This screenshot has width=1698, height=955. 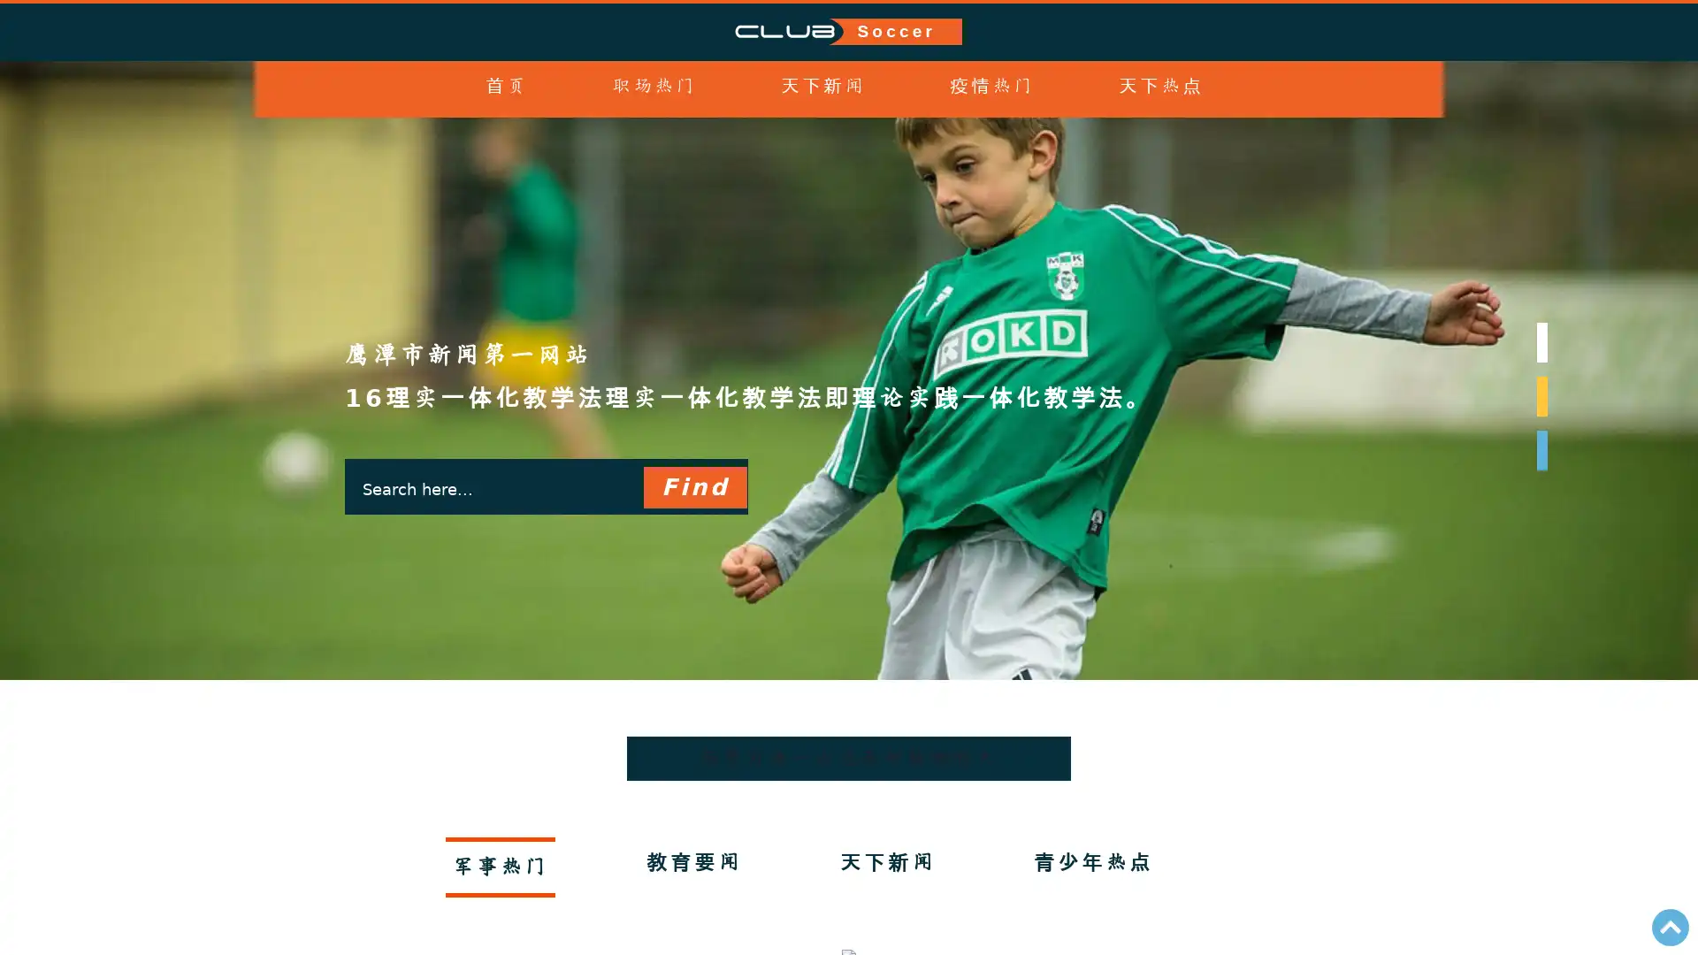 What do you see at coordinates (693, 487) in the screenshot?
I see `Find` at bounding box center [693, 487].